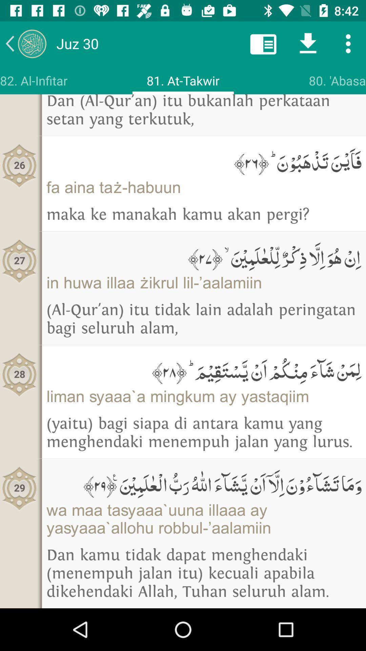 Image resolution: width=366 pixels, height=651 pixels. What do you see at coordinates (25, 43) in the screenshot?
I see `the arrow_backward icon` at bounding box center [25, 43].